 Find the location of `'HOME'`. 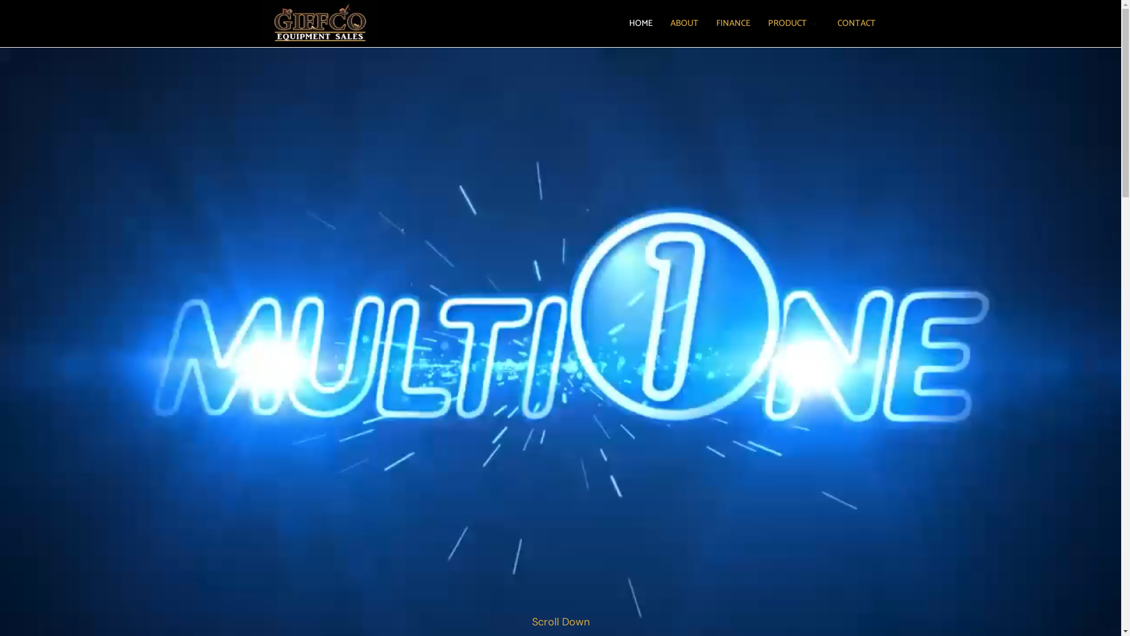

'HOME' is located at coordinates (640, 23).